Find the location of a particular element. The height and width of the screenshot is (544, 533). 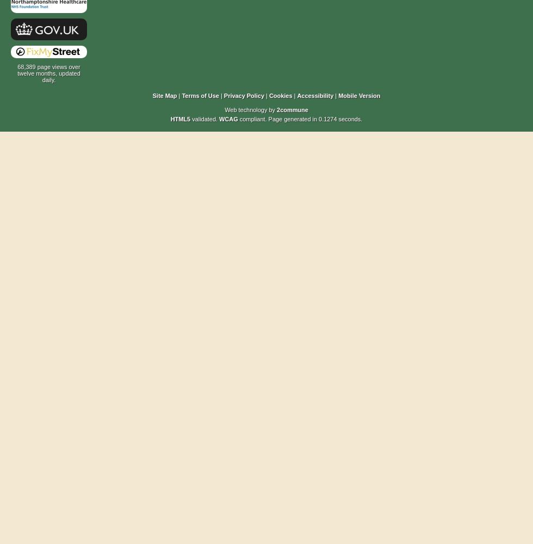

'Accessibility' is located at coordinates (315, 96).